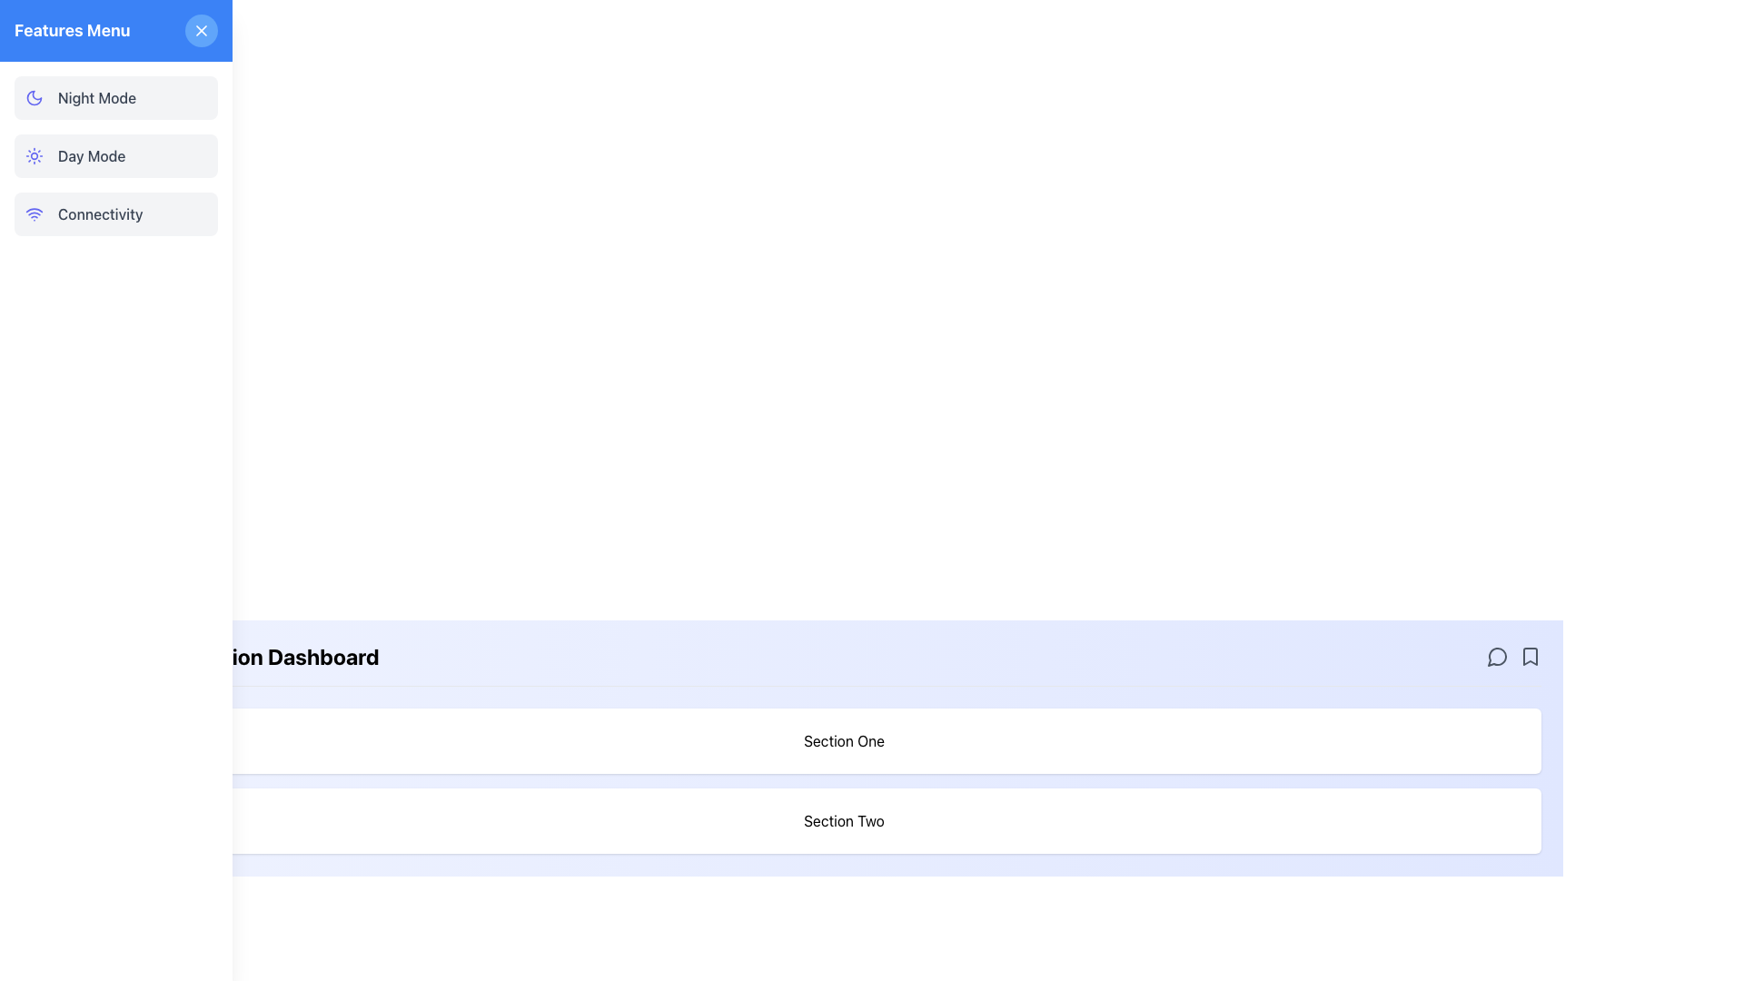  What do you see at coordinates (115, 155) in the screenshot?
I see `the 'Day Mode' selectable menu item, which features a sun icon in indigo and the text 'Day Mode' in a darker font, located in the Features Menu section` at bounding box center [115, 155].